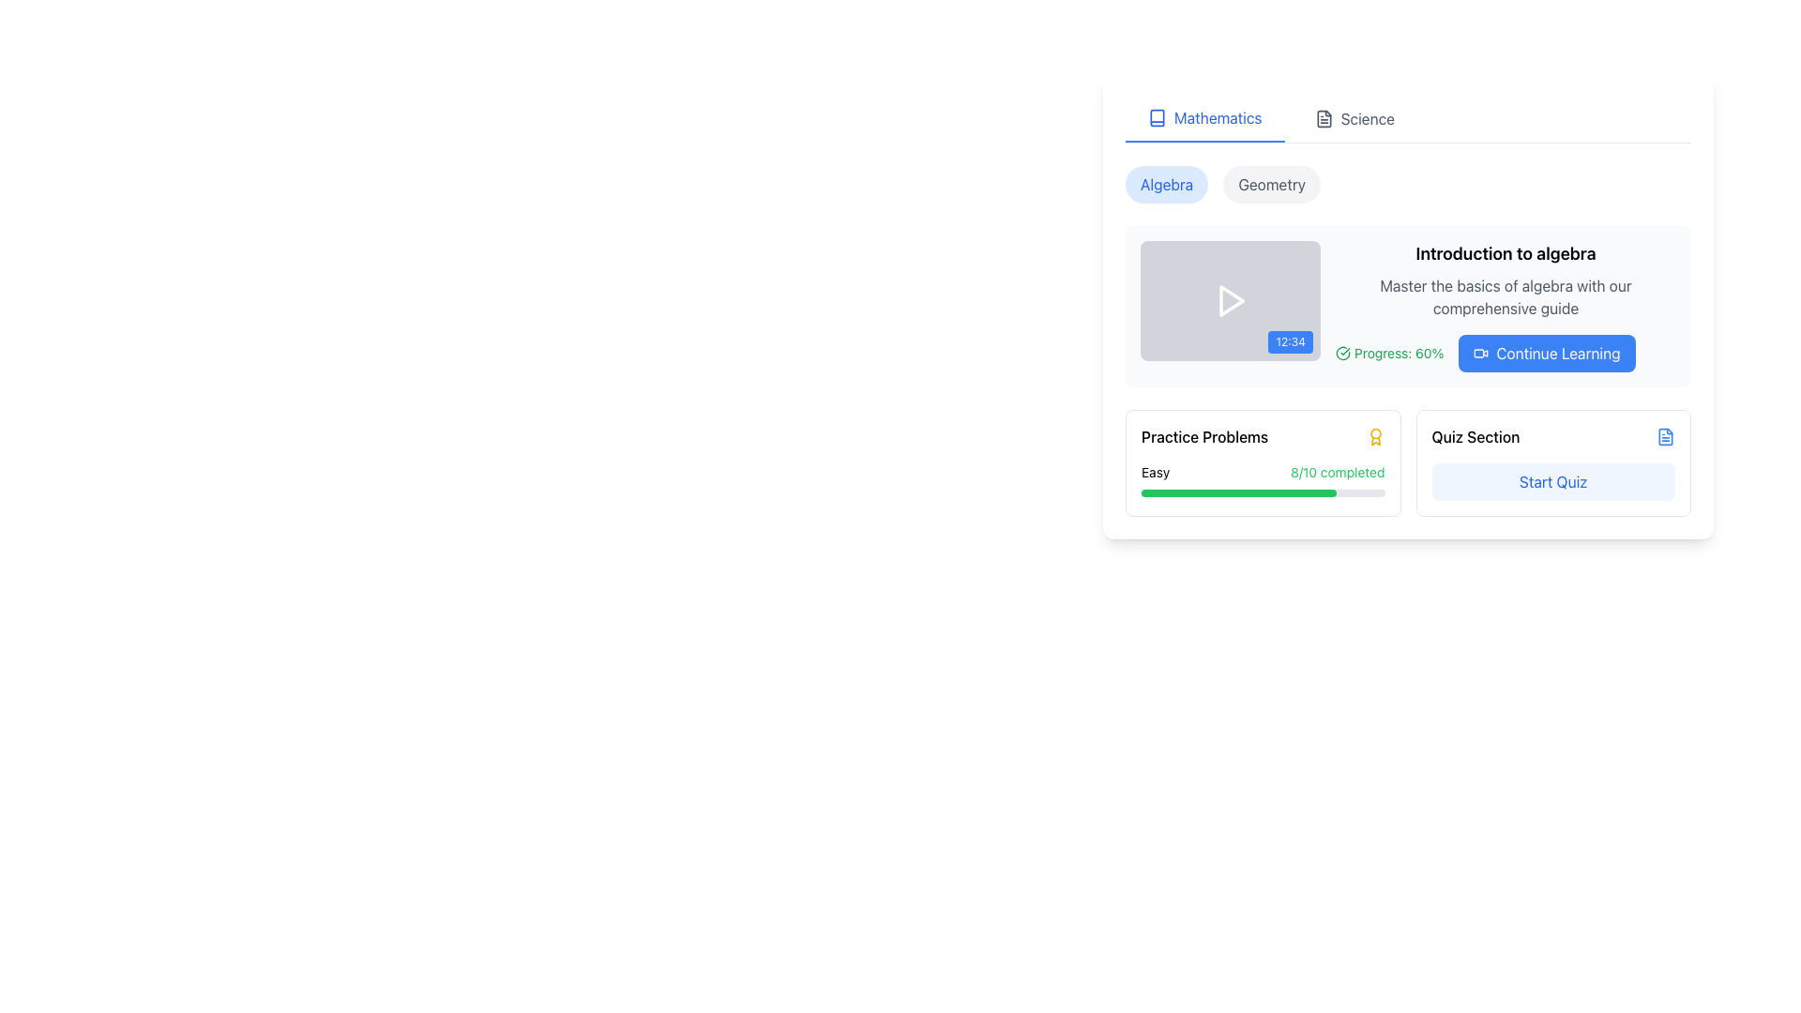 Image resolution: width=1801 pixels, height=1013 pixels. I want to click on the circular green checkmark icon with a checkmark symbol, so click(1341, 354).